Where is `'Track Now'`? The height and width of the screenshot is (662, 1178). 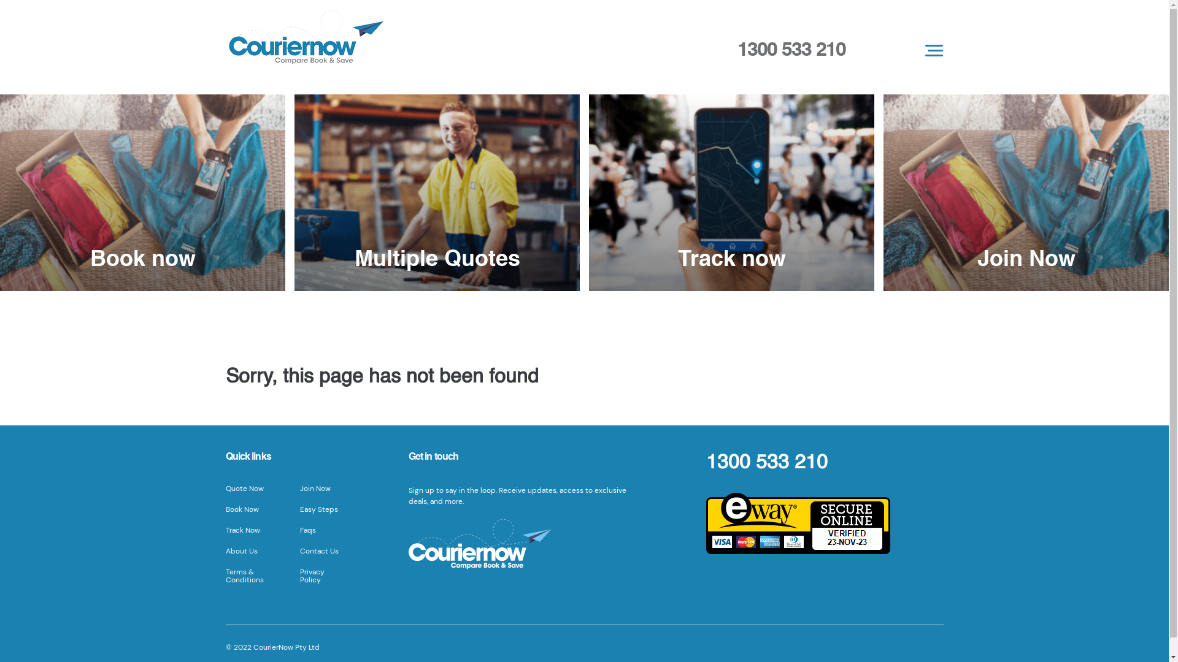
'Track Now' is located at coordinates (242, 529).